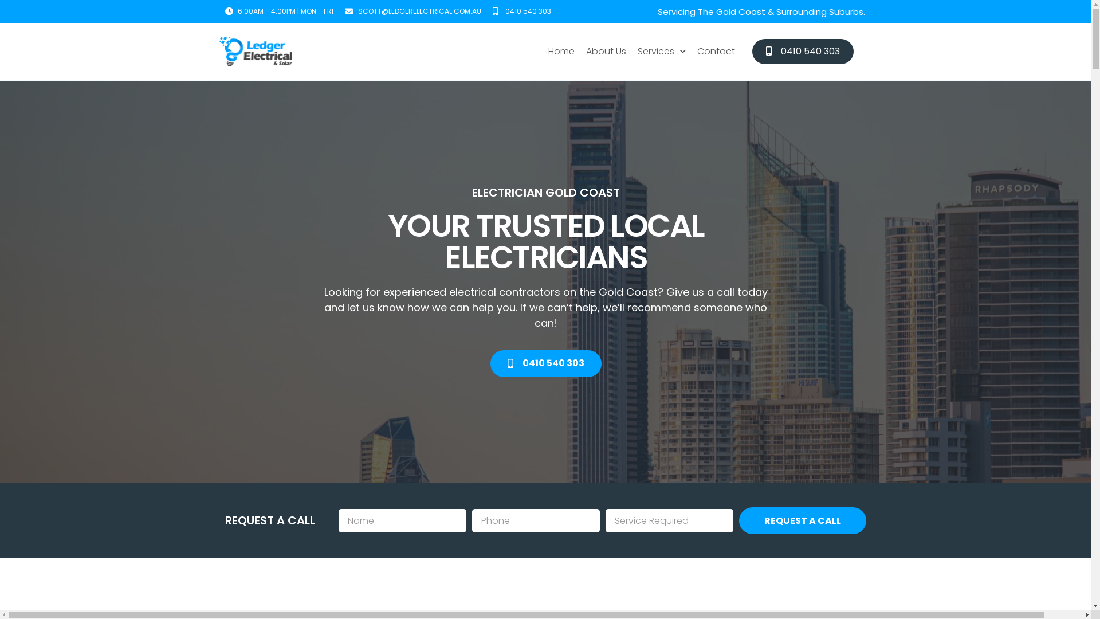  What do you see at coordinates (521, 11) in the screenshot?
I see `'0410 540 303'` at bounding box center [521, 11].